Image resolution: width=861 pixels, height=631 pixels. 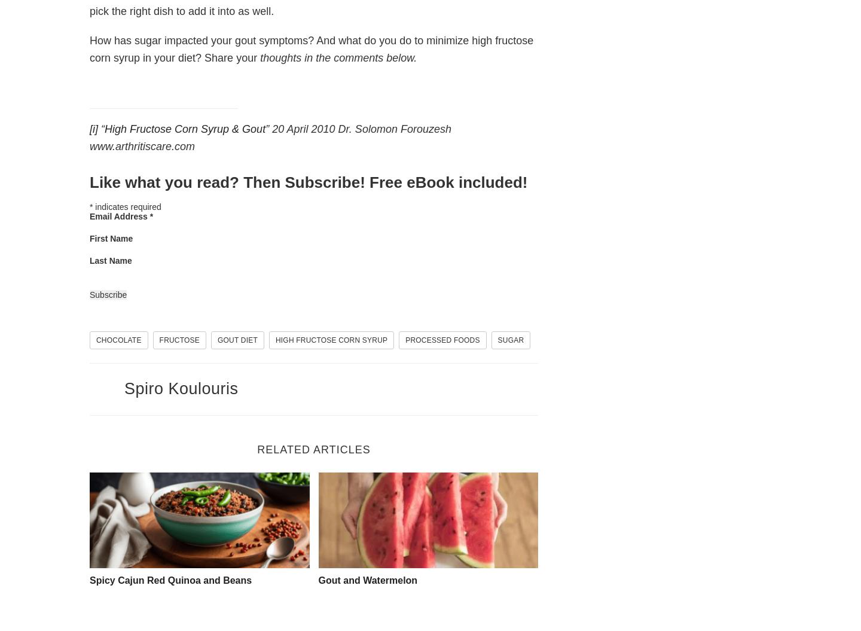 I want to click on '[i]', so click(x=93, y=128).